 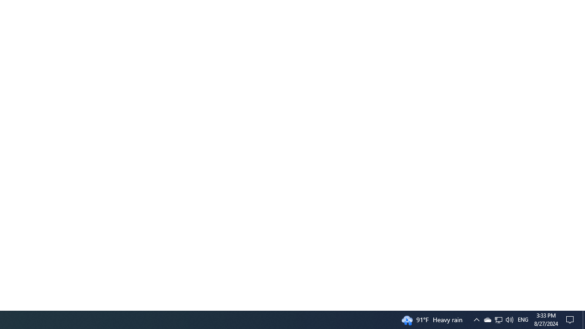 What do you see at coordinates (509, 319) in the screenshot?
I see `'Q2790: 100%'` at bounding box center [509, 319].